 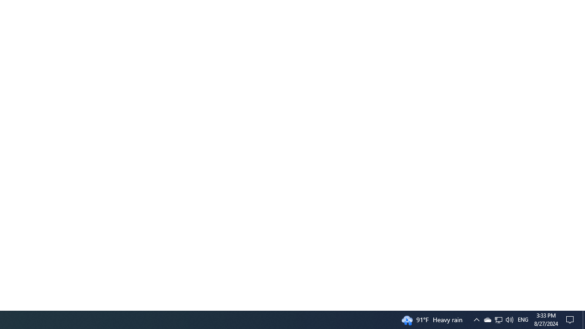 What do you see at coordinates (509, 319) in the screenshot?
I see `'Q2790: 100%'` at bounding box center [509, 319].